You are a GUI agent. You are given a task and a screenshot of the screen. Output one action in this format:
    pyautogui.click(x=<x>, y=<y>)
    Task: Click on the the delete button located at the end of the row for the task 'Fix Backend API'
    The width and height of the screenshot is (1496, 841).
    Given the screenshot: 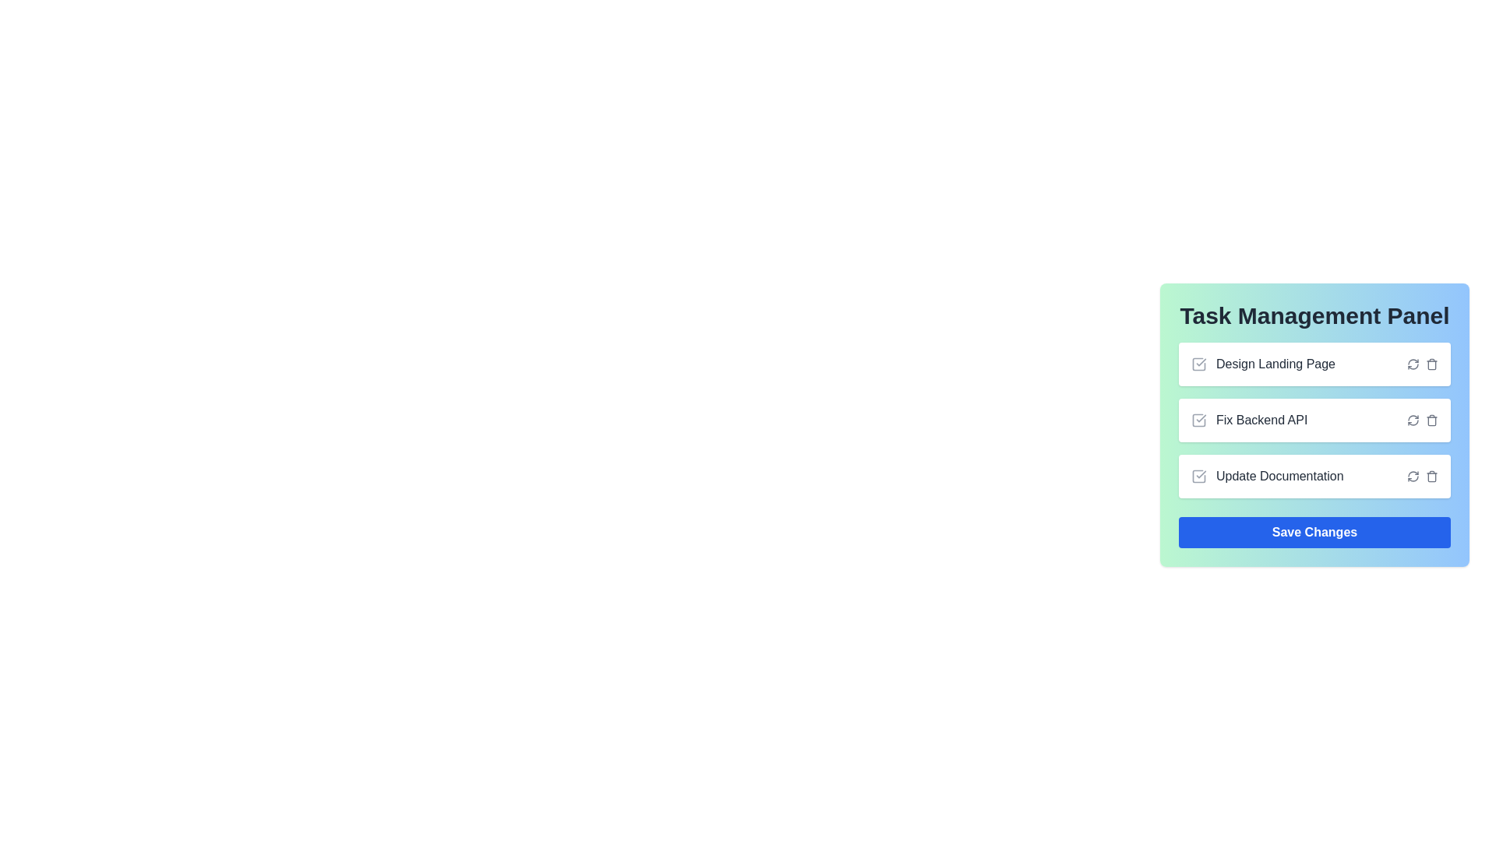 What is the action you would take?
    pyautogui.click(x=1432, y=420)
    